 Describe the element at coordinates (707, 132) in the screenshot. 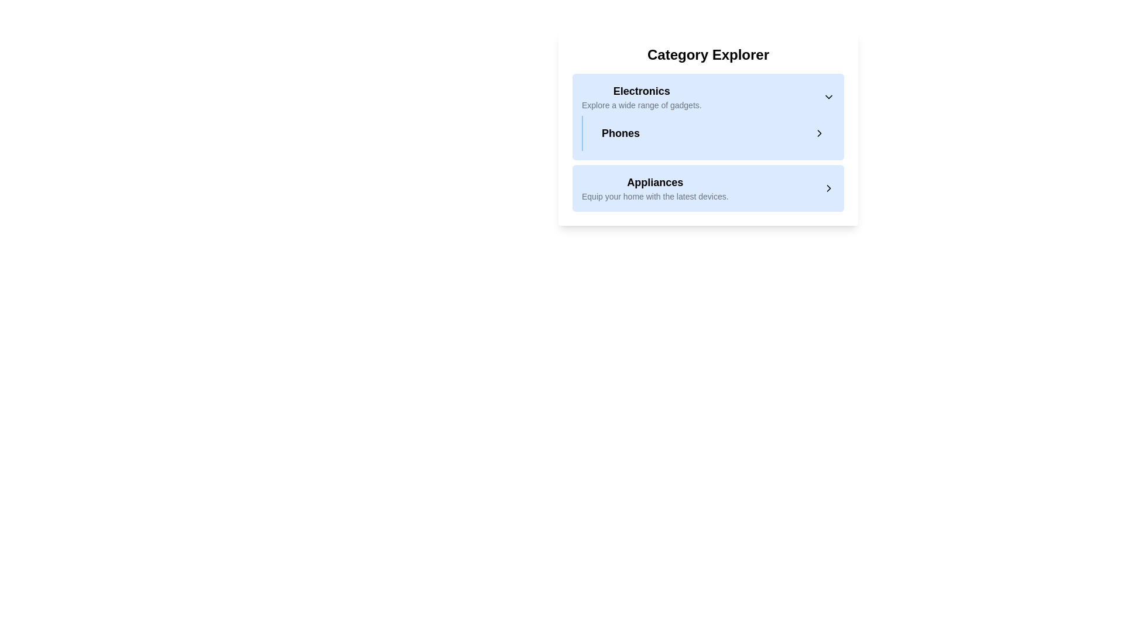

I see `the navigational button labeled 'Phones' located under the 'Electronics' section` at that location.